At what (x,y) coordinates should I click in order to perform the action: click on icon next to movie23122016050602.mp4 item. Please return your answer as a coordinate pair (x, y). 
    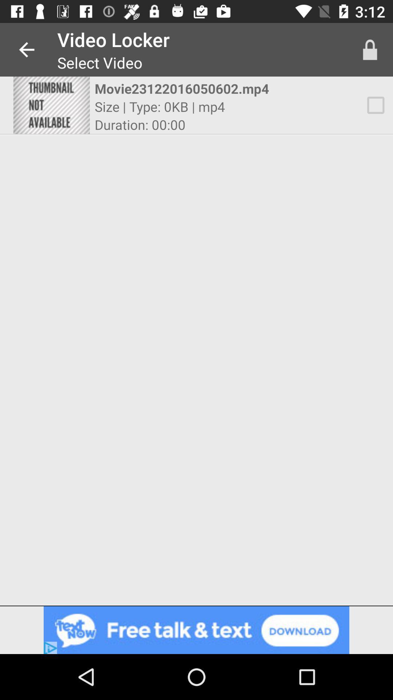
    Looking at the image, I should click on (370, 49).